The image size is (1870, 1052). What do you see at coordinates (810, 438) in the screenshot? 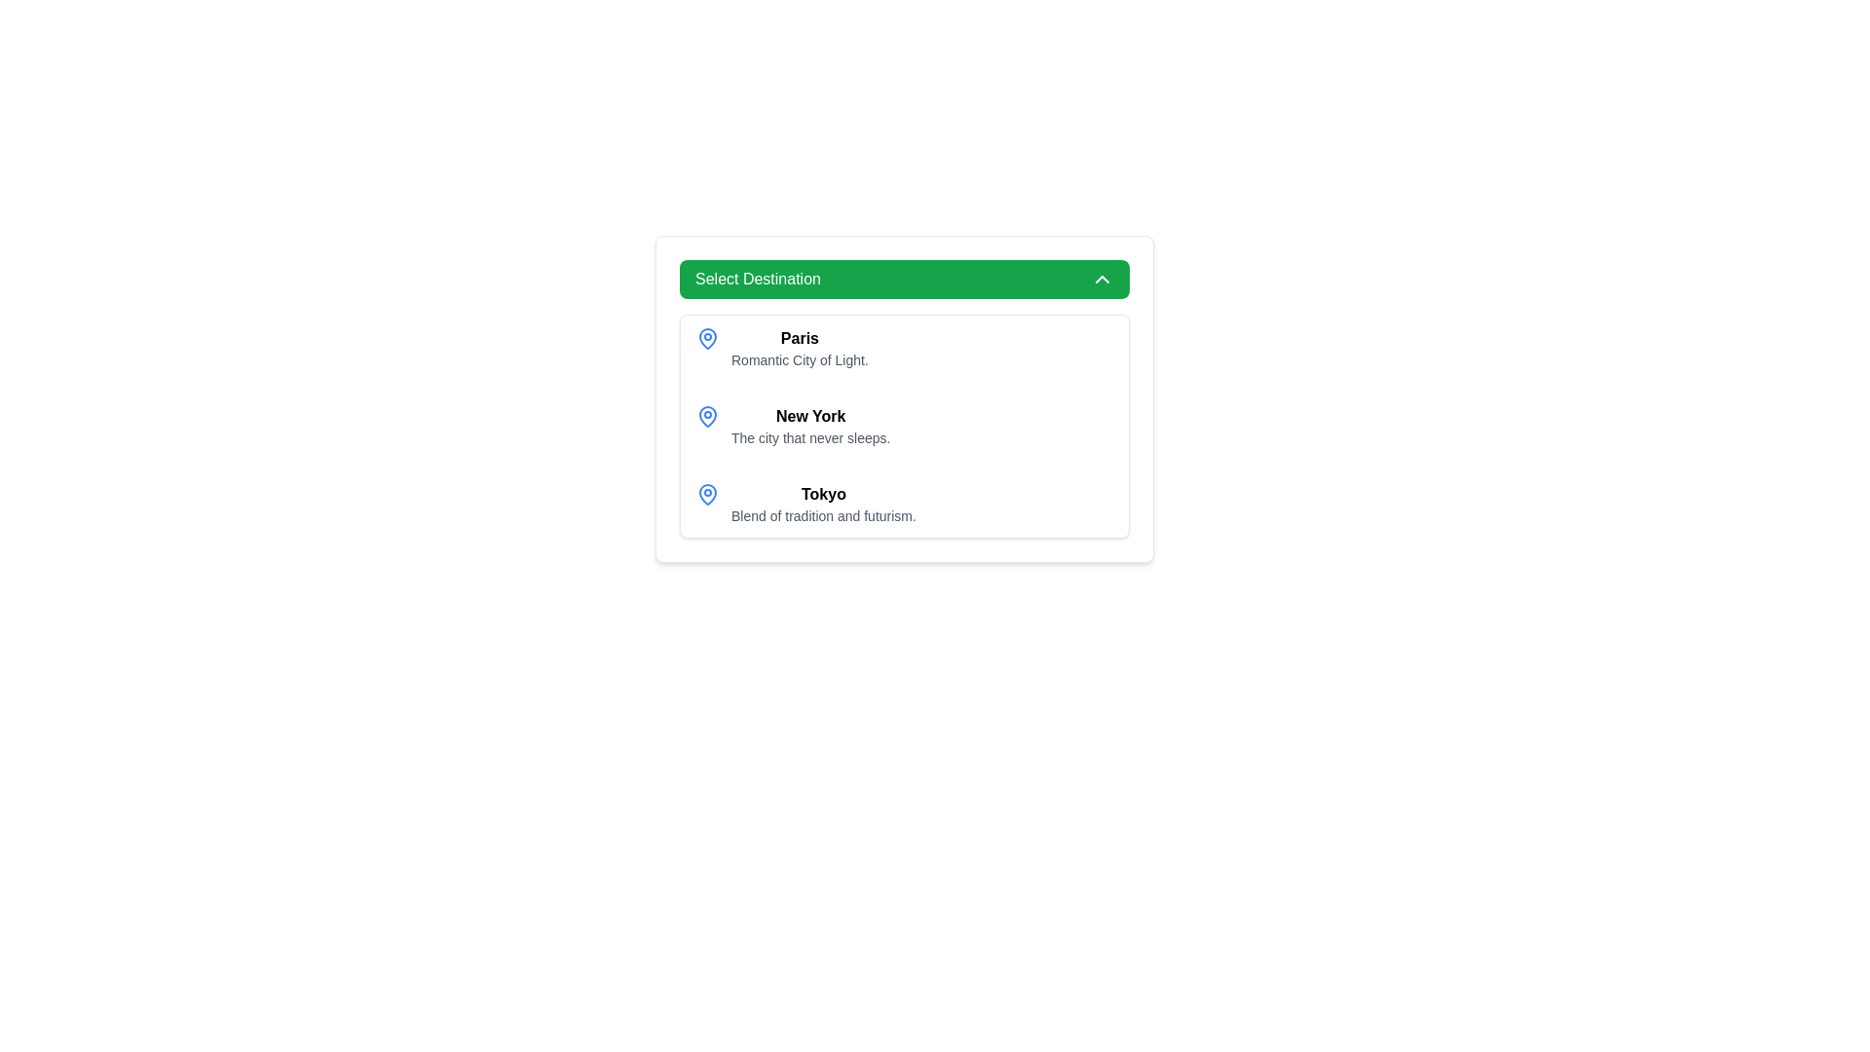
I see `the text element displaying 'The city that never sleeps.' located below 'New York' in the 'Select Destination' dropdown list` at bounding box center [810, 438].